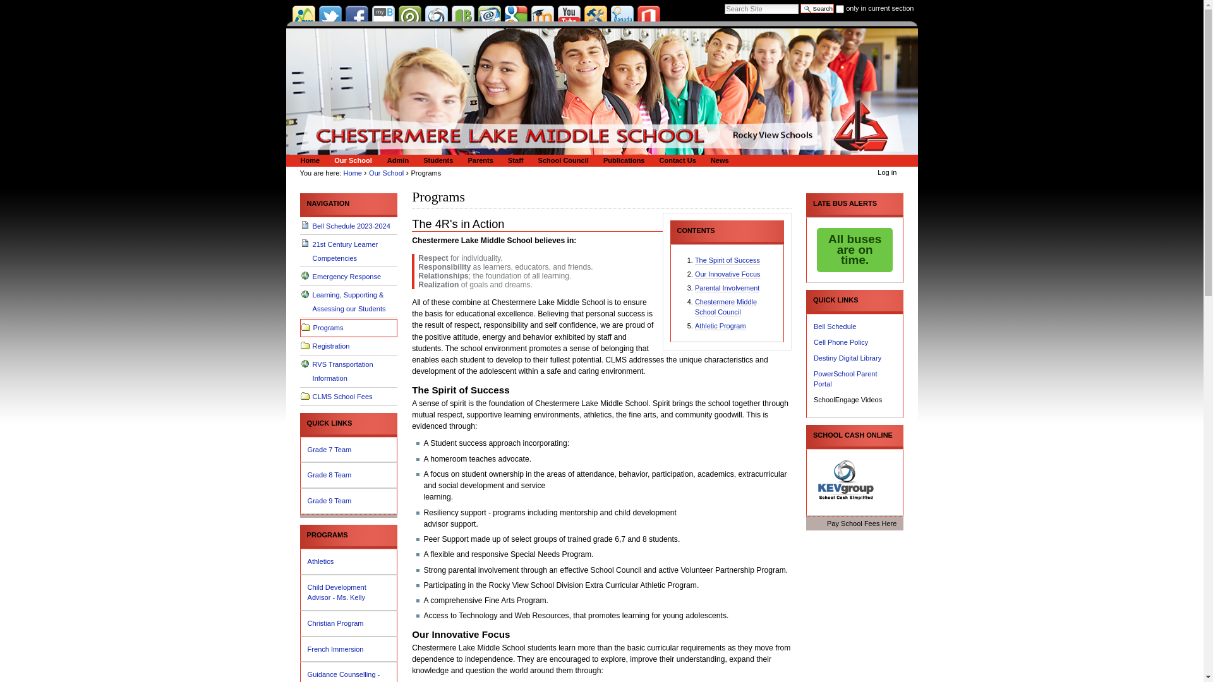  What do you see at coordinates (349, 449) in the screenshot?
I see `'Grade 7 Team'` at bounding box center [349, 449].